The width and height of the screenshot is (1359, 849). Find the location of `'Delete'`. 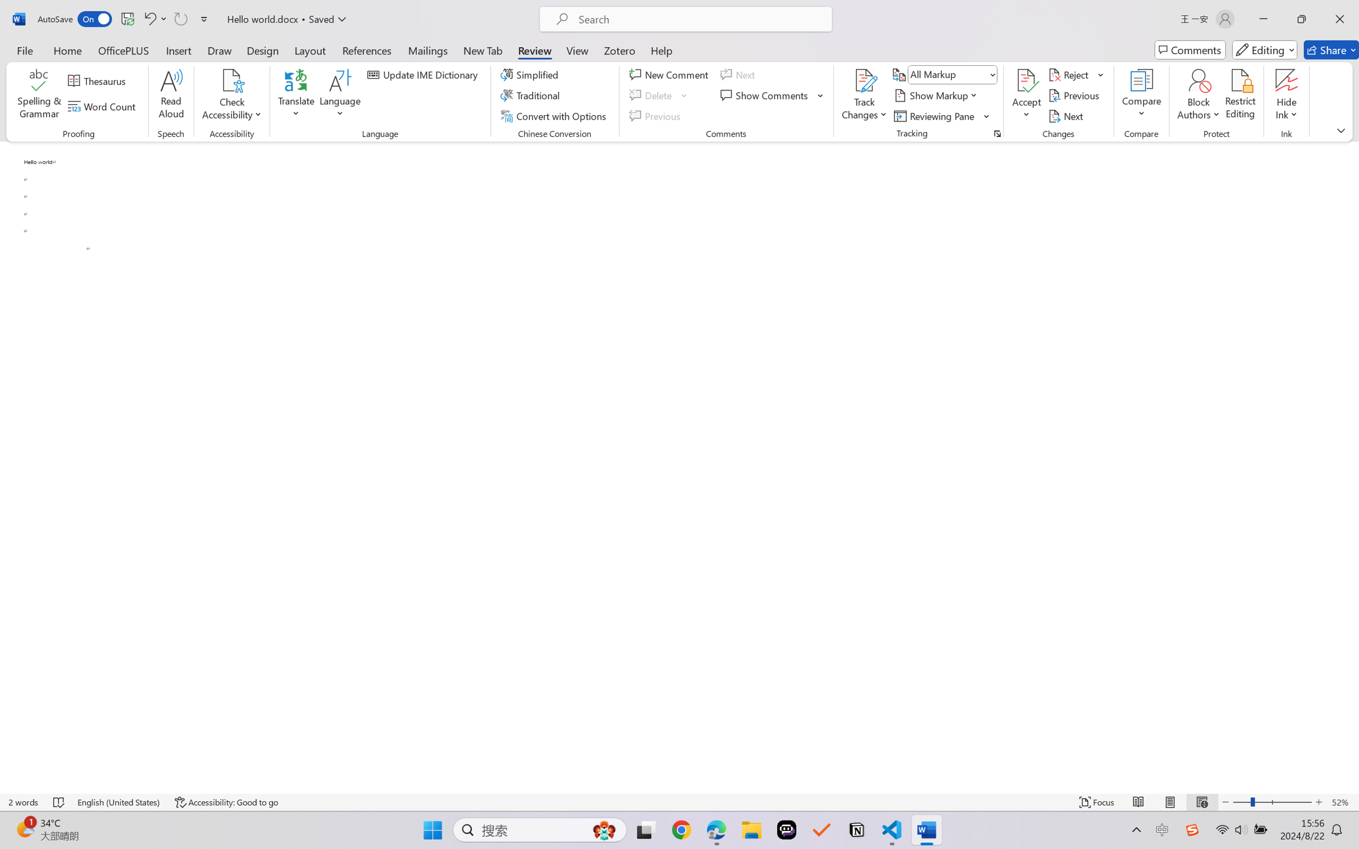

'Delete' is located at coordinates (659, 95).